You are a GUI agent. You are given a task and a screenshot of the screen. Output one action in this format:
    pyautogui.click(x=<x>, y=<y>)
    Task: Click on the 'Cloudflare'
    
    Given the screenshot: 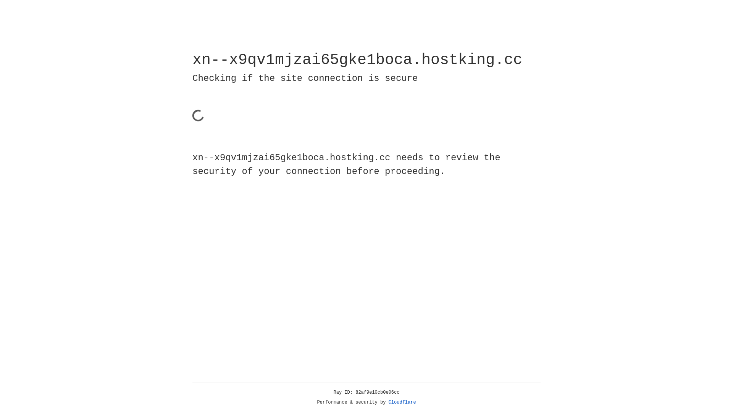 What is the action you would take?
    pyautogui.click(x=388, y=402)
    